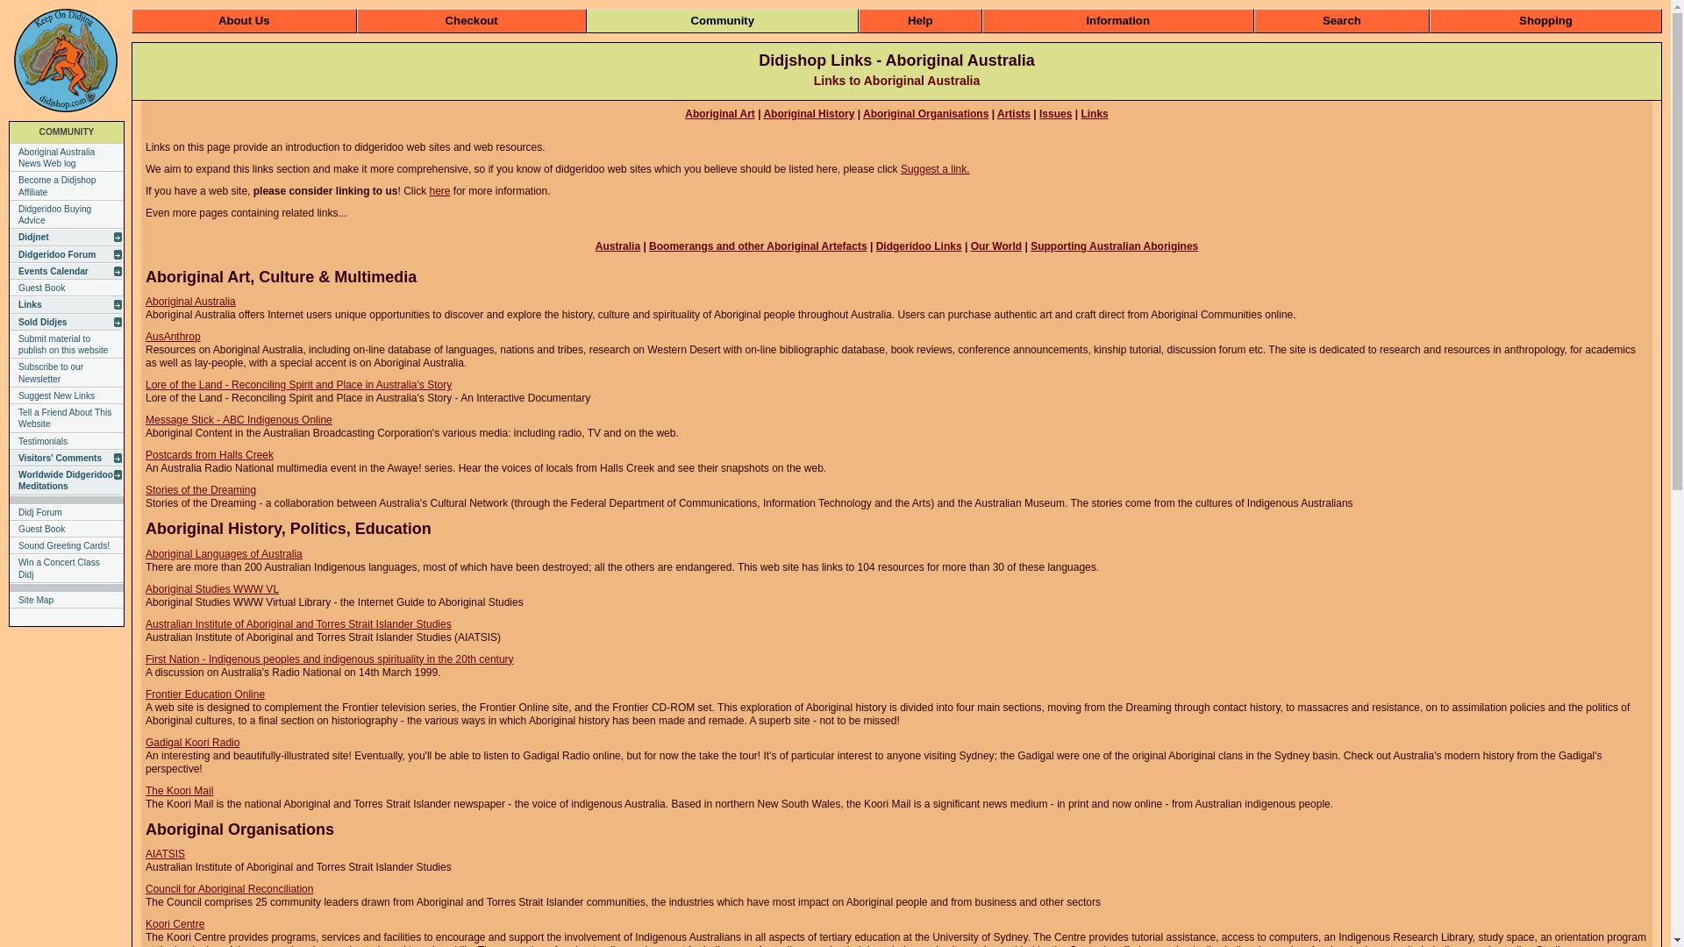 Image resolution: width=1684 pixels, height=947 pixels. I want to click on 'Didgeridoo Buying Advice', so click(67, 214).